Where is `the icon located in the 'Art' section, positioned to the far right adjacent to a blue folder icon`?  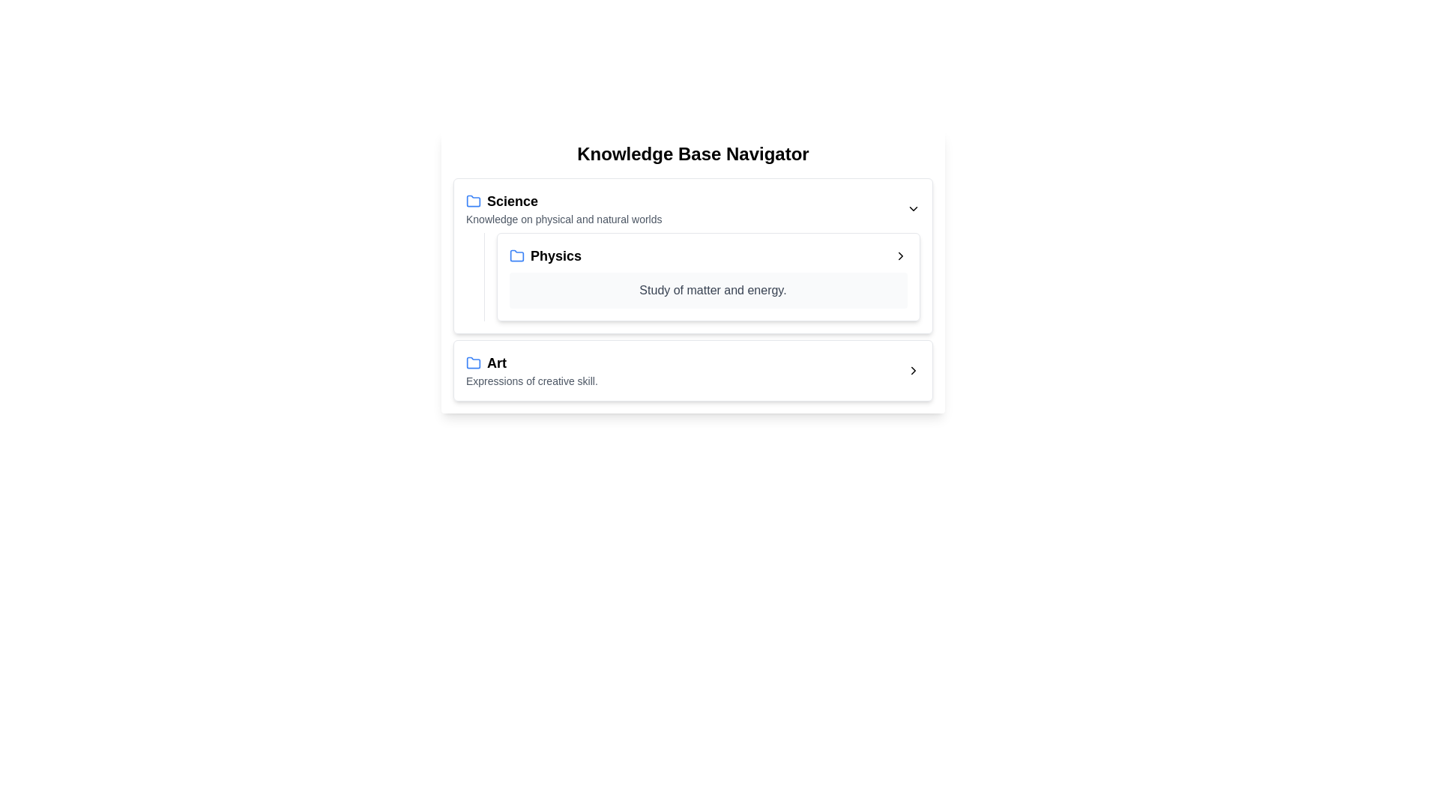 the icon located in the 'Art' section, positioned to the far right adjacent to a blue folder icon is located at coordinates (913, 370).